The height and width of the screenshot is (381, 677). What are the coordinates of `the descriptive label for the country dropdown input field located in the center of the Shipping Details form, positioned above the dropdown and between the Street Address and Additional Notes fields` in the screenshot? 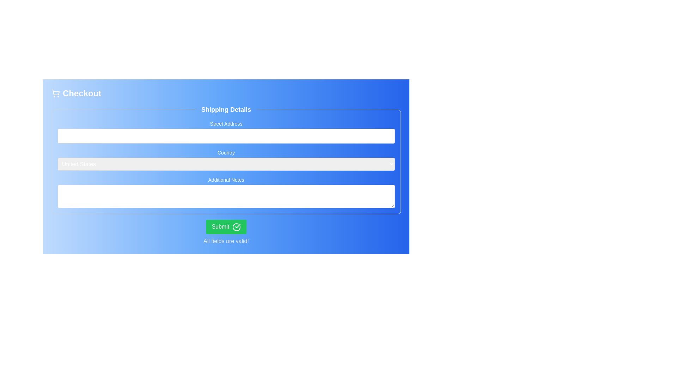 It's located at (226, 152).